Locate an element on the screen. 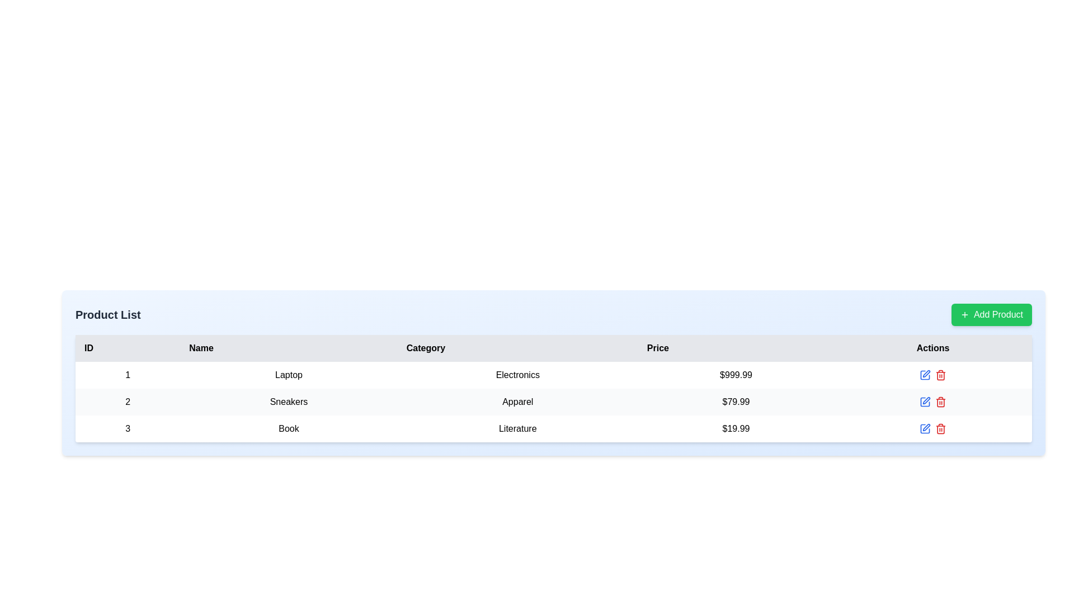  the text display cell containing the number '3' in the first column of the third row of the 'Product List' table is located at coordinates (128, 428).